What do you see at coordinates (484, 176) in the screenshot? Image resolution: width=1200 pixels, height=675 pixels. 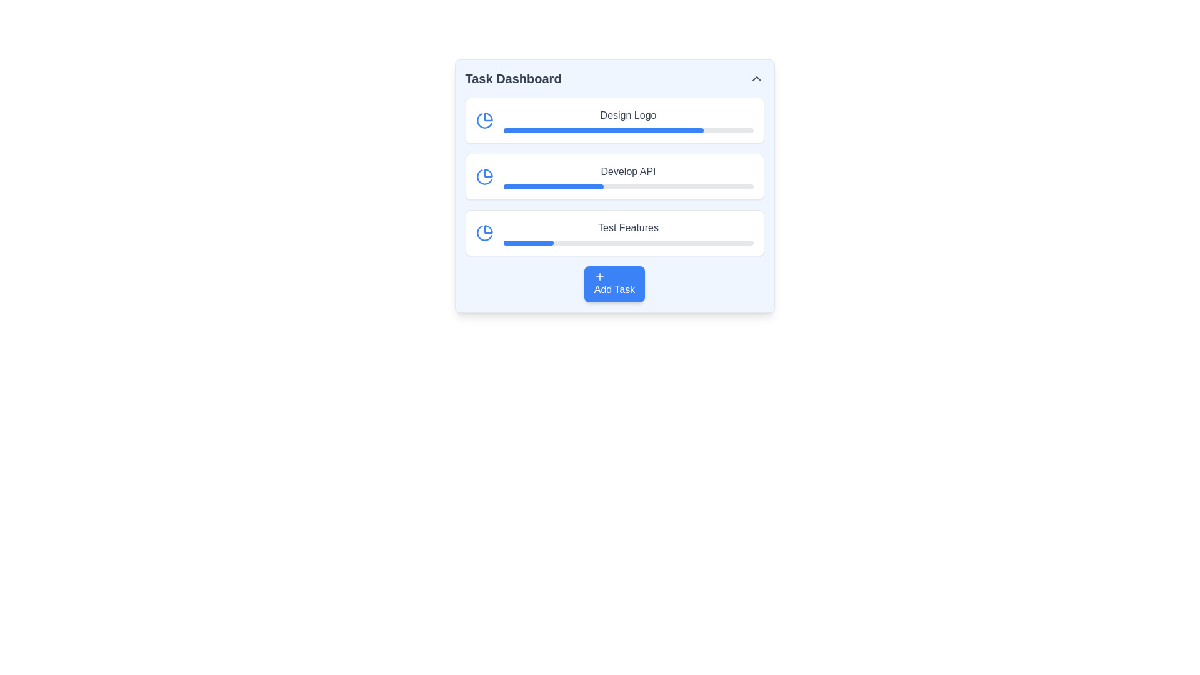 I see `the decorative icon representing the 'Develop API' task located to the left of the text and above the progress bar` at bounding box center [484, 176].